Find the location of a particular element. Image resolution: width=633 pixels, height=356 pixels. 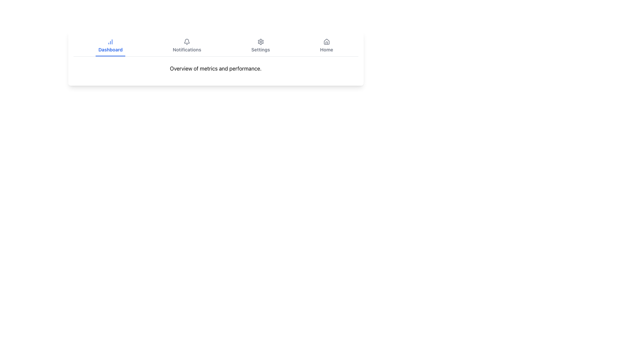

the navigation button located in the far-right position of the horizontal navigation bar is located at coordinates (326, 45).